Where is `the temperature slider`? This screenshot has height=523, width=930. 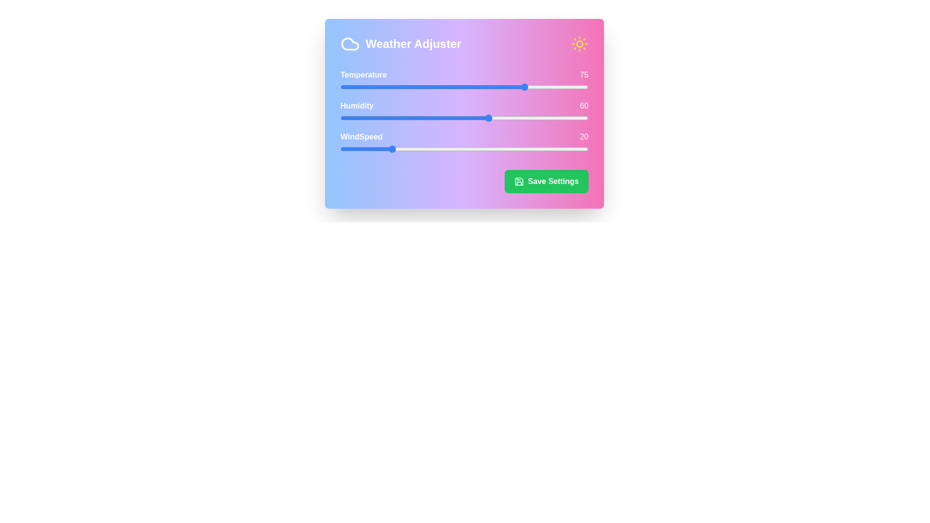
the temperature slider is located at coordinates (531, 87).